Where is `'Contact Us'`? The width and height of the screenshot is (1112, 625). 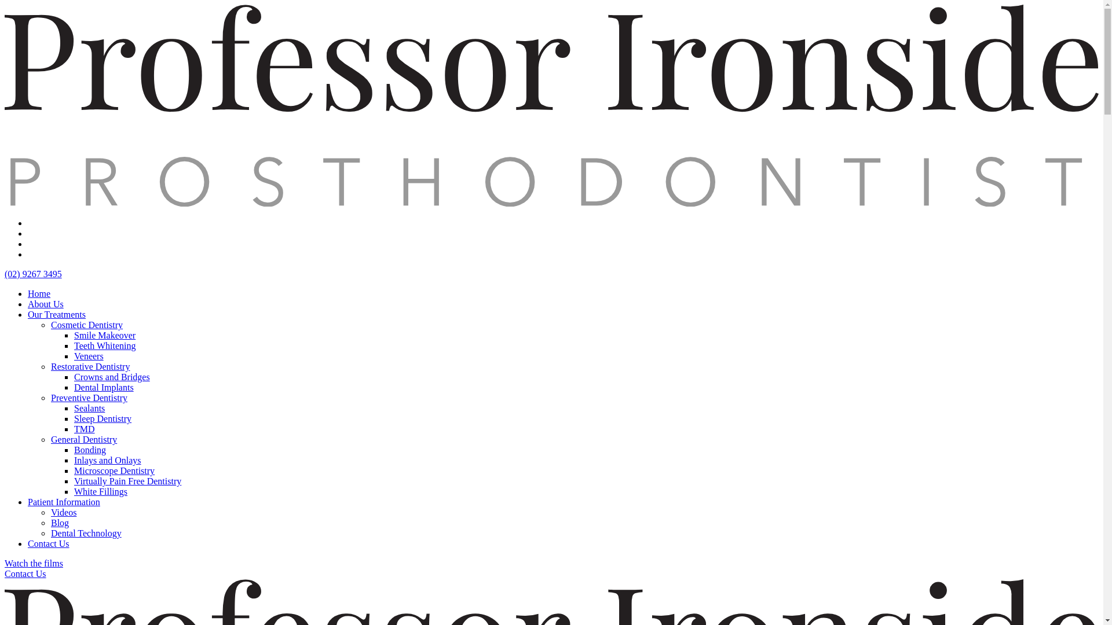
'Contact Us' is located at coordinates (47, 543).